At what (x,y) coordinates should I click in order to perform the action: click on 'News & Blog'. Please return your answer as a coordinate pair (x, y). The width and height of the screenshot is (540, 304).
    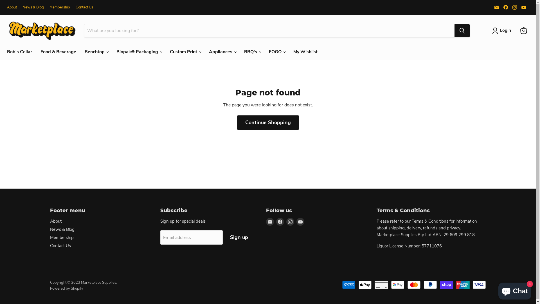
    Looking at the image, I should click on (50, 229).